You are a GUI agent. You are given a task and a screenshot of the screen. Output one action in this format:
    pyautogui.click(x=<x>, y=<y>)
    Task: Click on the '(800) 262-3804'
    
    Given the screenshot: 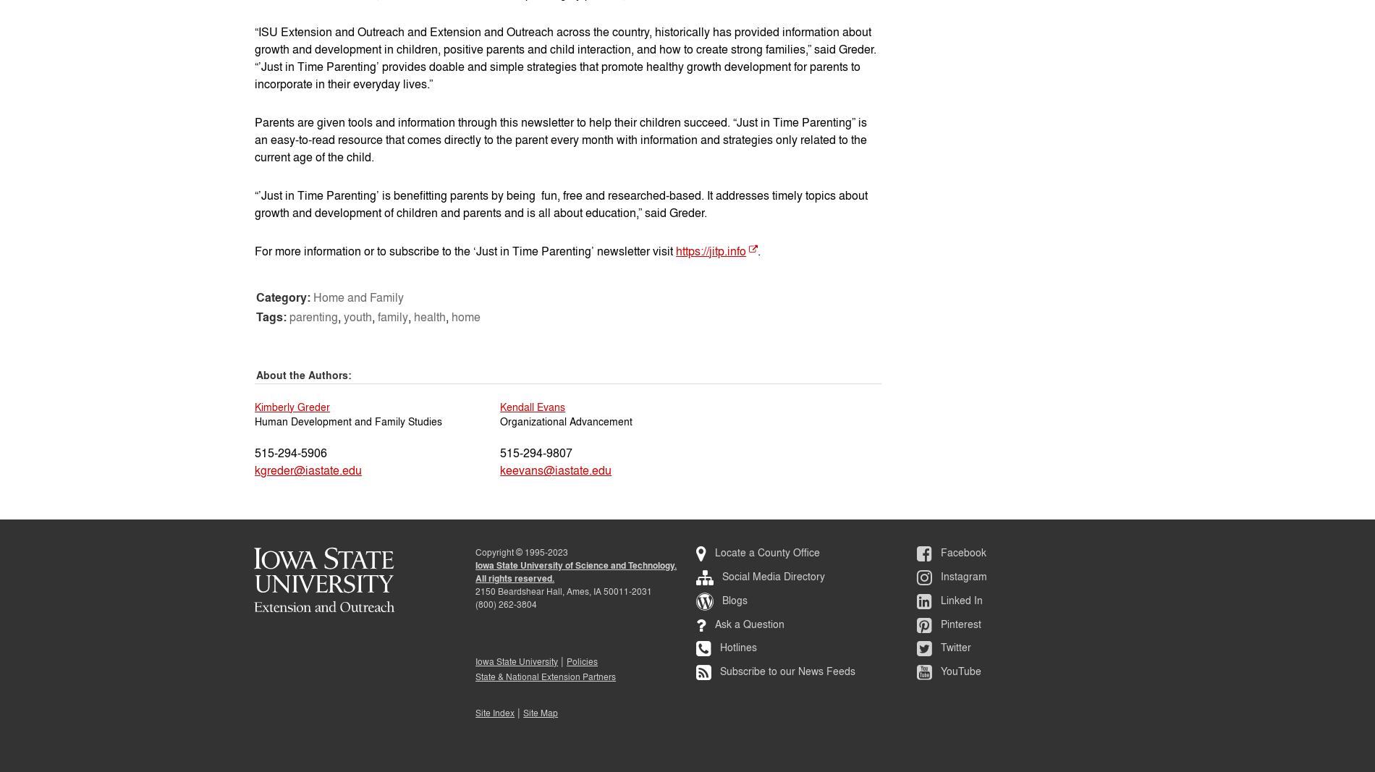 What is the action you would take?
    pyautogui.click(x=506, y=603)
    